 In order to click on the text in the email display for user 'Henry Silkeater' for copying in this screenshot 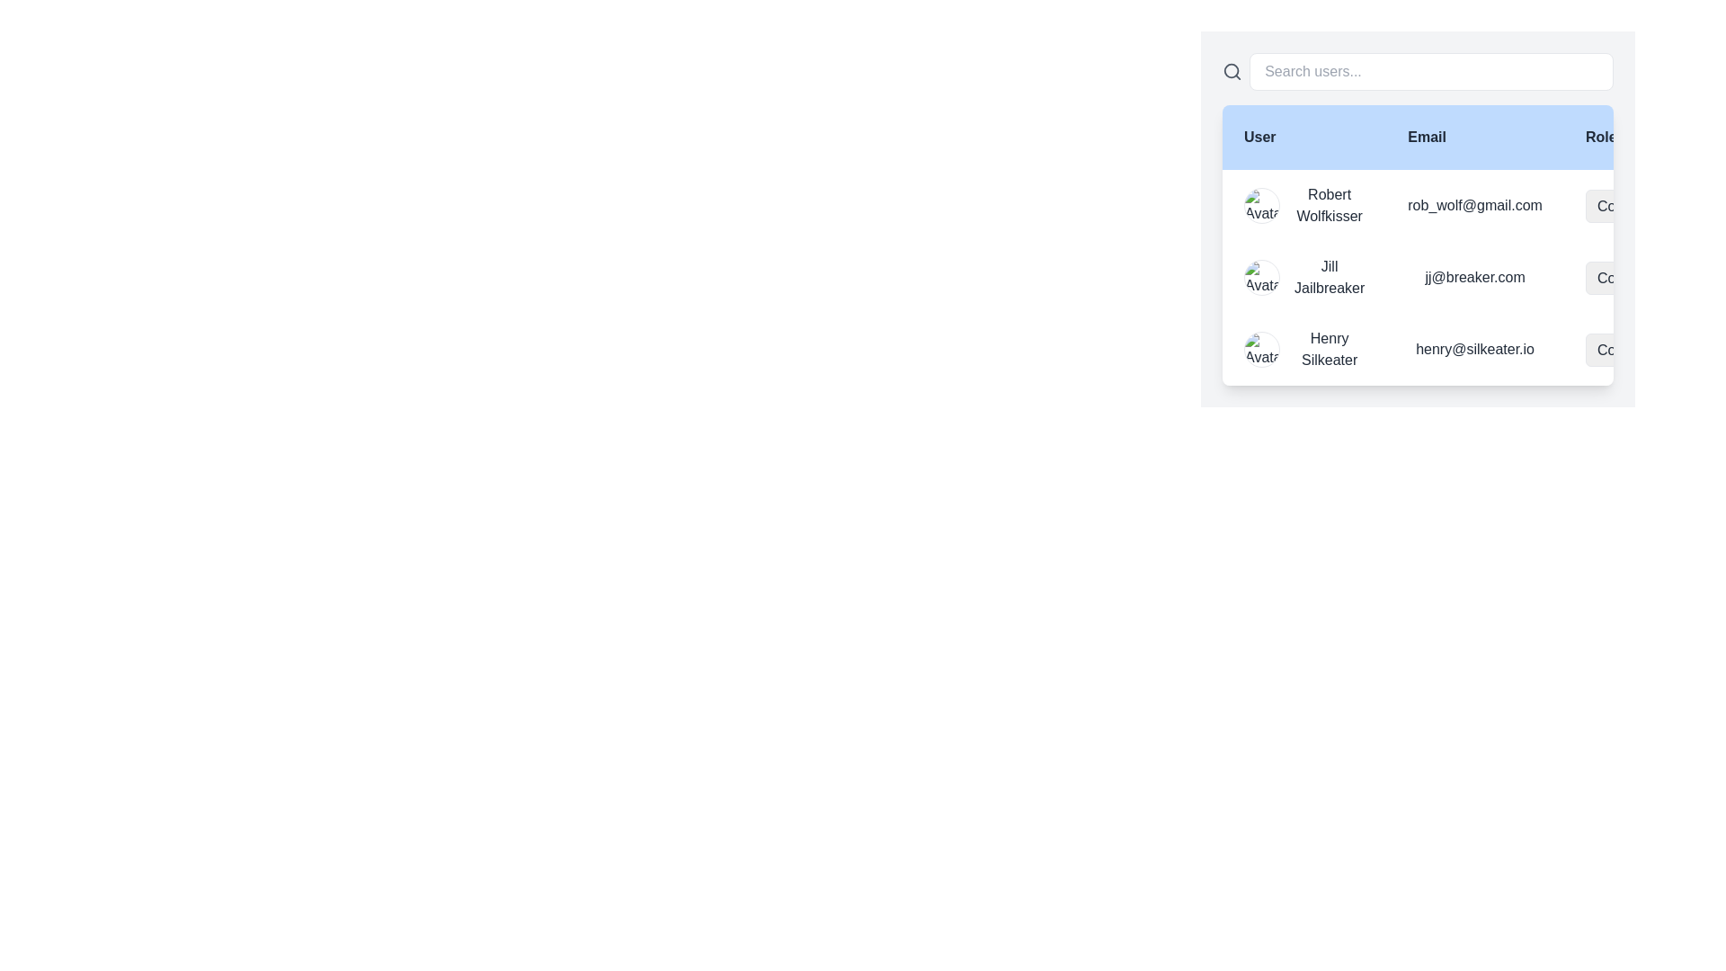, I will do `click(1475, 350)`.